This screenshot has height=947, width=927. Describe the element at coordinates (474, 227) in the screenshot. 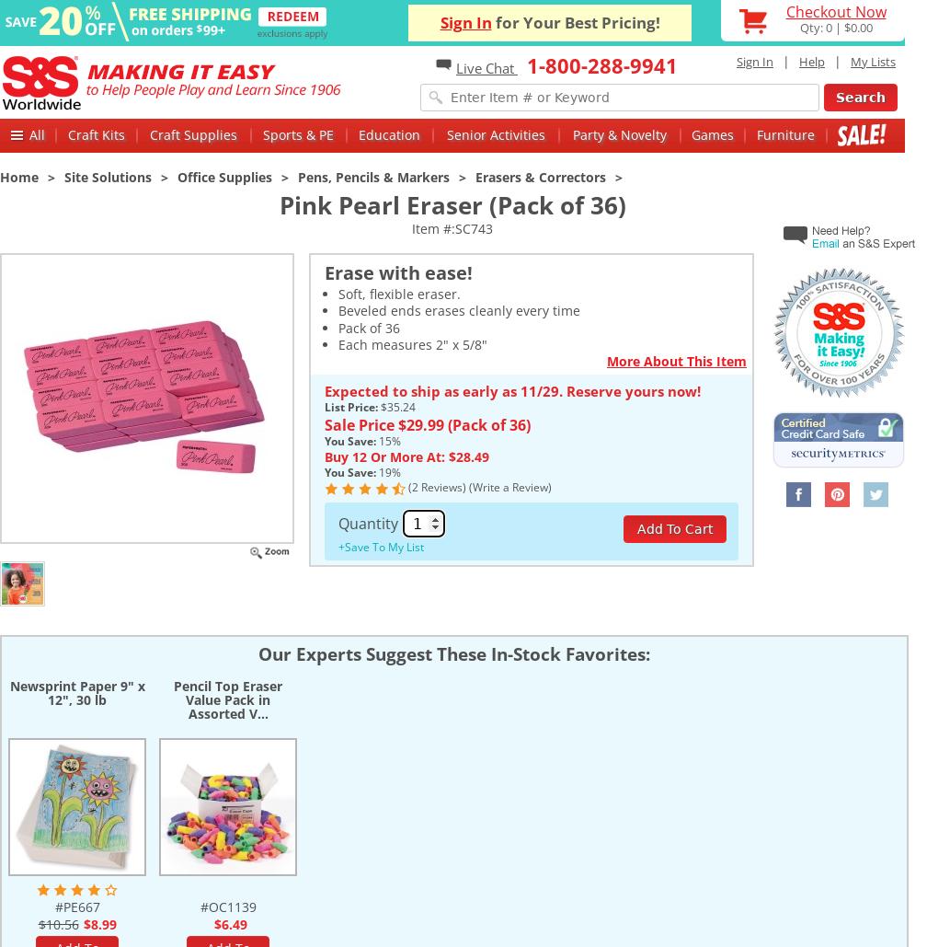

I see `'SC743'` at that location.